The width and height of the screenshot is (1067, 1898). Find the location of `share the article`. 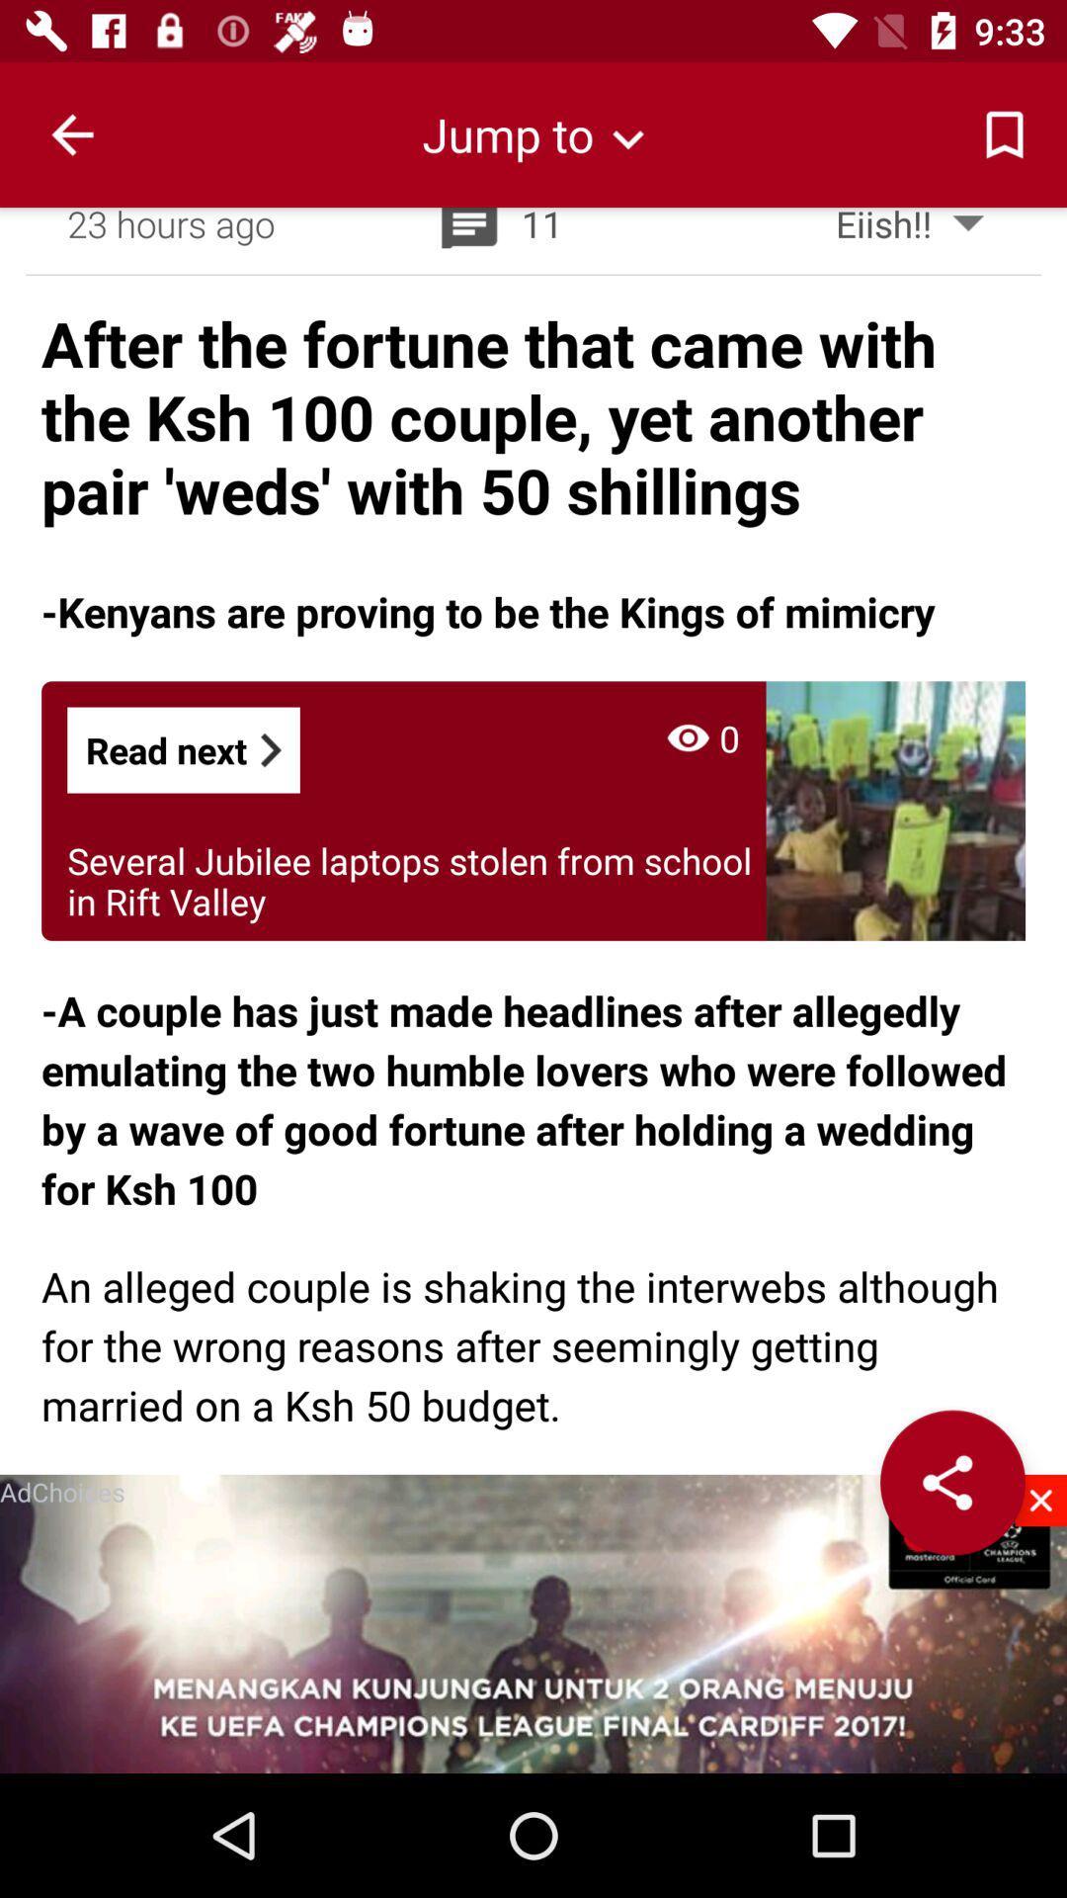

share the article is located at coordinates (951, 1482).